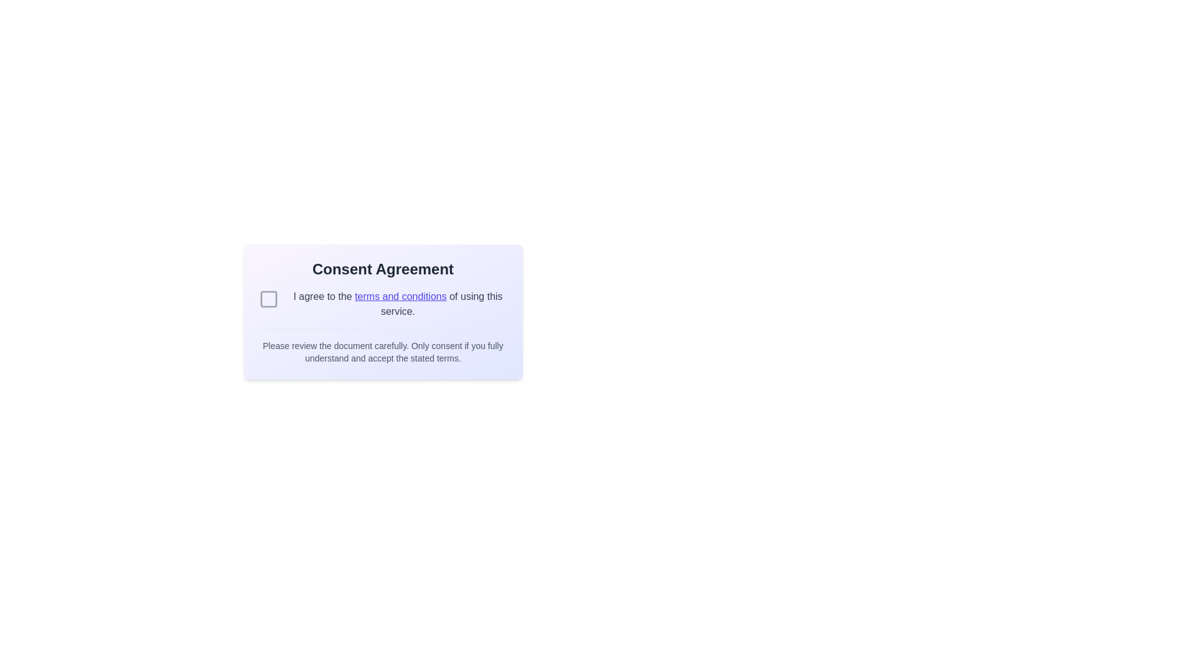  What do you see at coordinates (382, 304) in the screenshot?
I see `the hyperlink in the consent agreement card` at bounding box center [382, 304].